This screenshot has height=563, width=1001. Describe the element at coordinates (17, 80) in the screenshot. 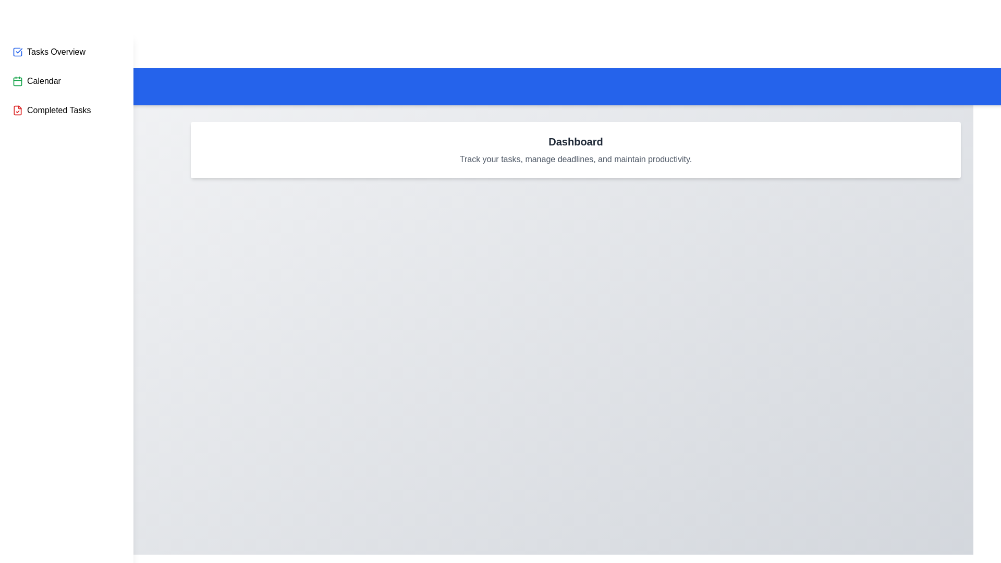

I see `the green rounded rectangle SVG icon representing the 'Calendar' button located in the left sidebar navigation panel` at that location.